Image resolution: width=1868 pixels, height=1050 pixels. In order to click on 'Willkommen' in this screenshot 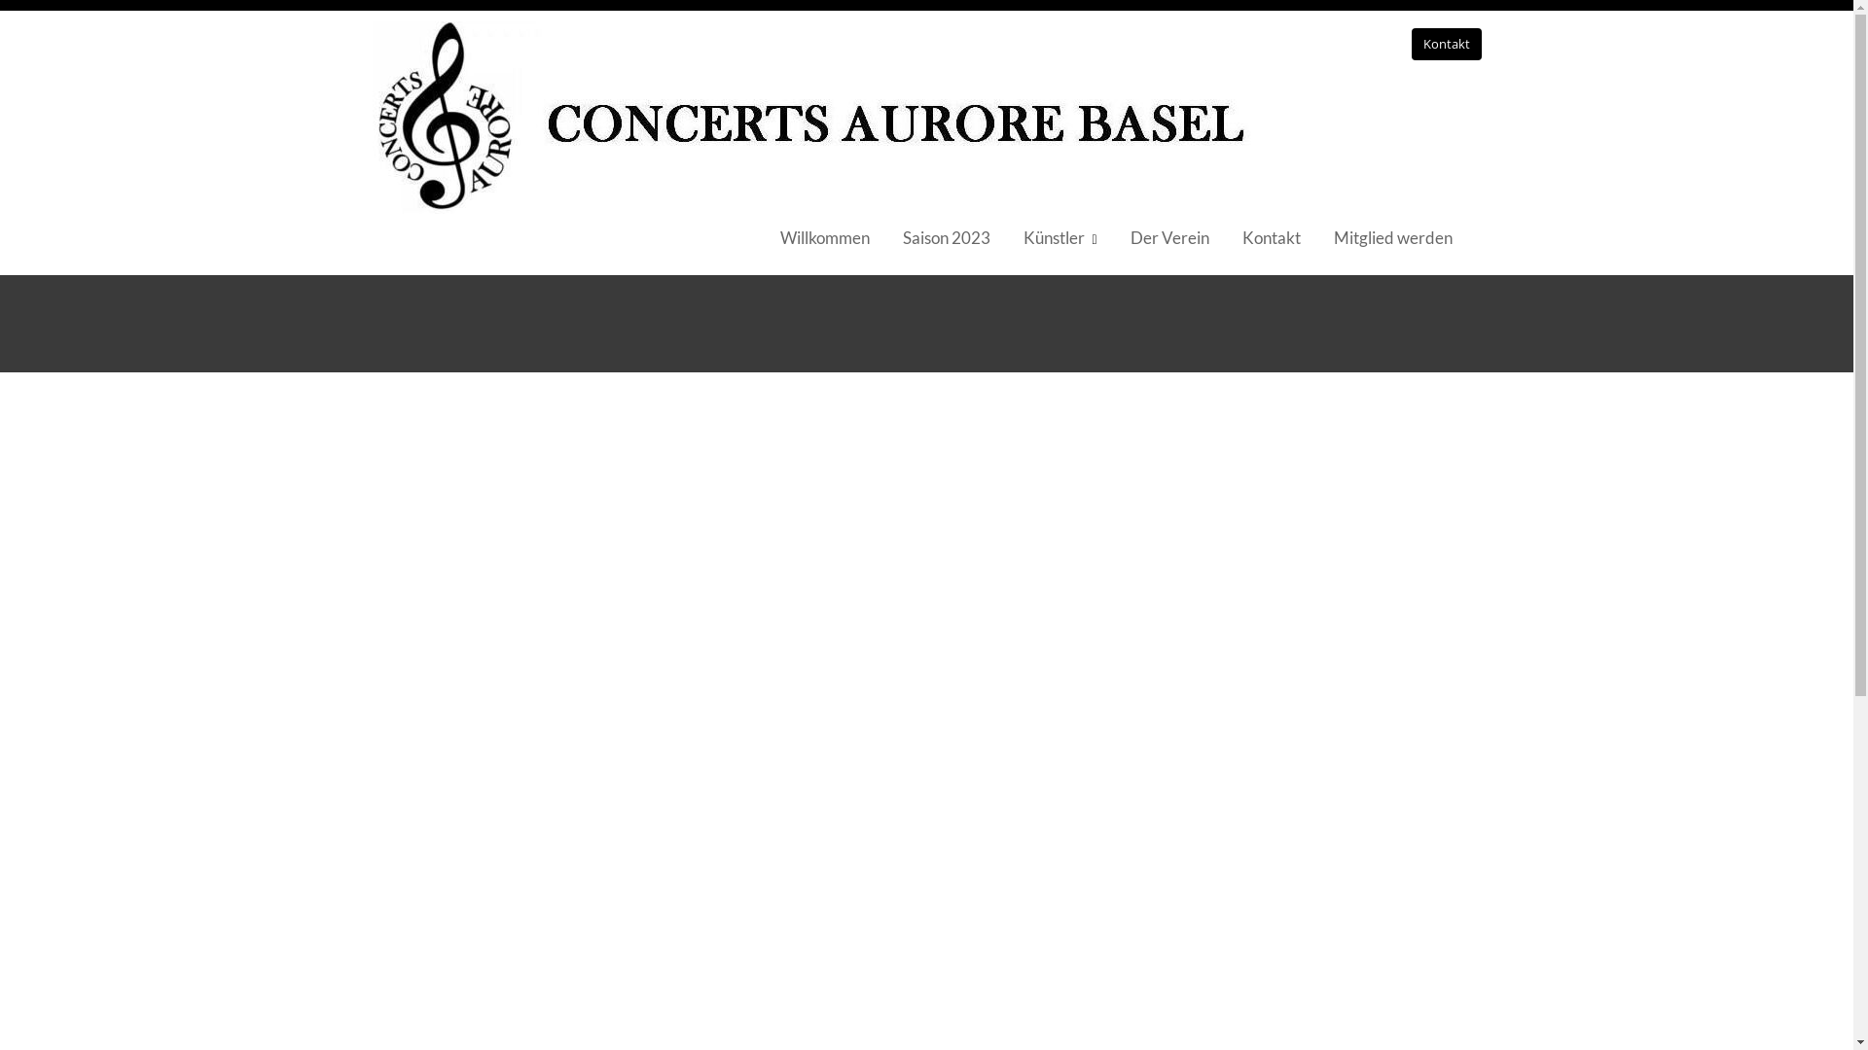, I will do `click(825, 237)`.